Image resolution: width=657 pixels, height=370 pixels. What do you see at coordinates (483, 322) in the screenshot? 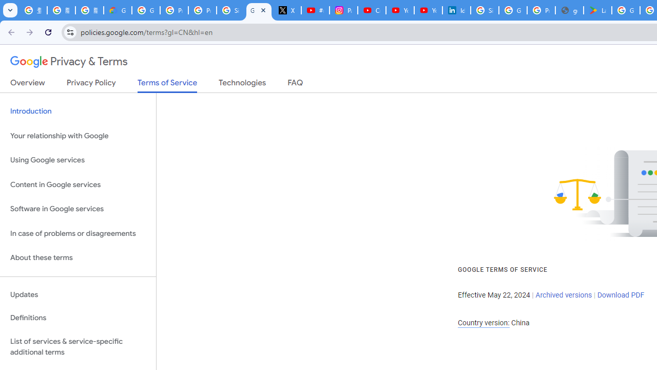
I see `'Country version:'` at bounding box center [483, 322].